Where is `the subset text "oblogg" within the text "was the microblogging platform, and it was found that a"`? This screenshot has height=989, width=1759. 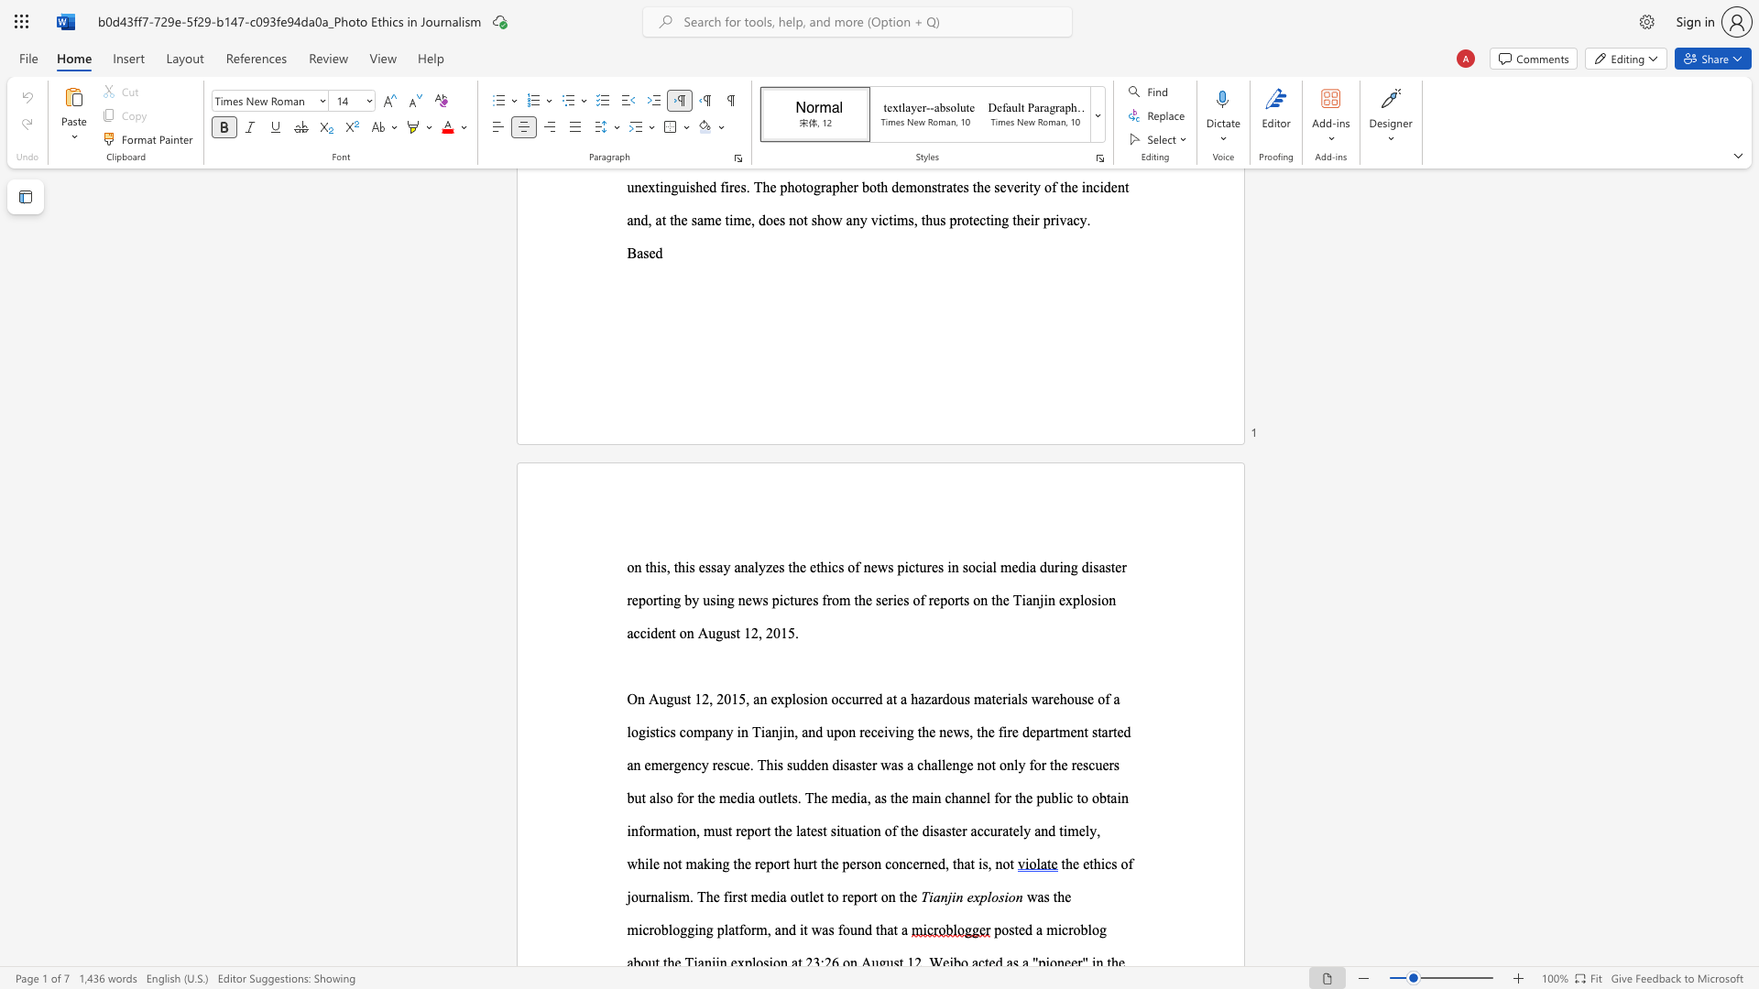
the subset text "oblogg" within the text "was the microblogging platform, and it was found that a" is located at coordinates (653, 929).